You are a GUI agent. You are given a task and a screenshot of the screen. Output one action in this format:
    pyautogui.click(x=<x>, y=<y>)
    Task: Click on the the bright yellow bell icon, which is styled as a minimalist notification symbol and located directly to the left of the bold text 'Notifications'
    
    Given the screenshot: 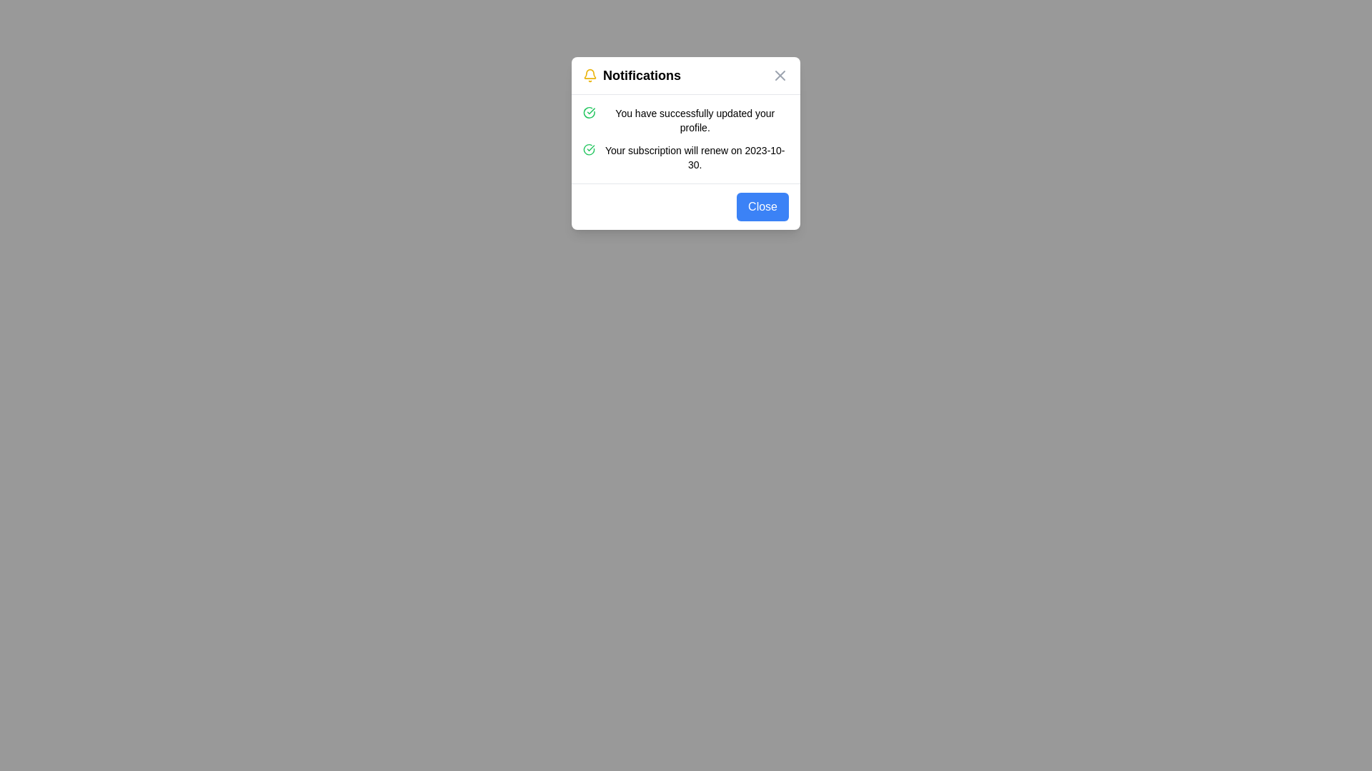 What is the action you would take?
    pyautogui.click(x=590, y=75)
    